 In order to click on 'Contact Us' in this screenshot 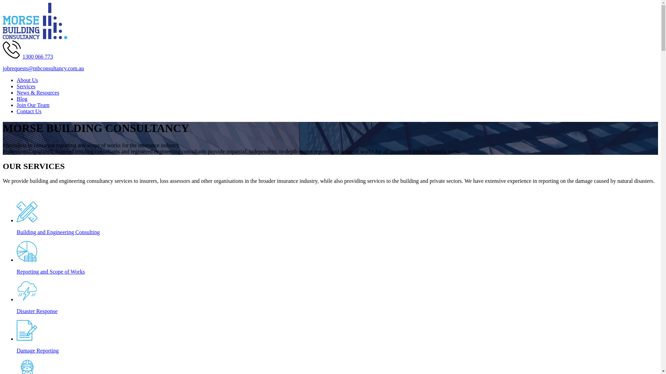, I will do `click(28, 111)`.